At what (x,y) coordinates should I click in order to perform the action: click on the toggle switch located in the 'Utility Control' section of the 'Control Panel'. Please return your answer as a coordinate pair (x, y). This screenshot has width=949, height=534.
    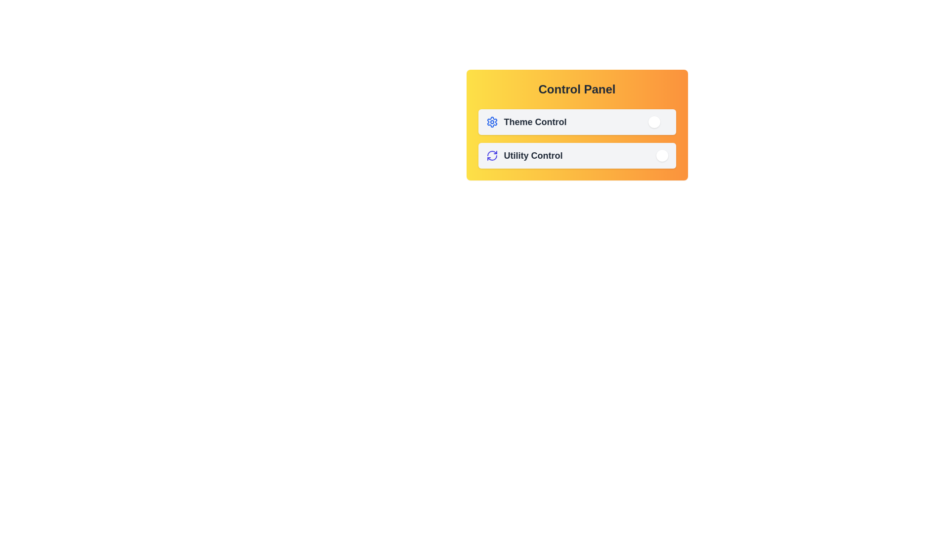
    Looking at the image, I should click on (658, 156).